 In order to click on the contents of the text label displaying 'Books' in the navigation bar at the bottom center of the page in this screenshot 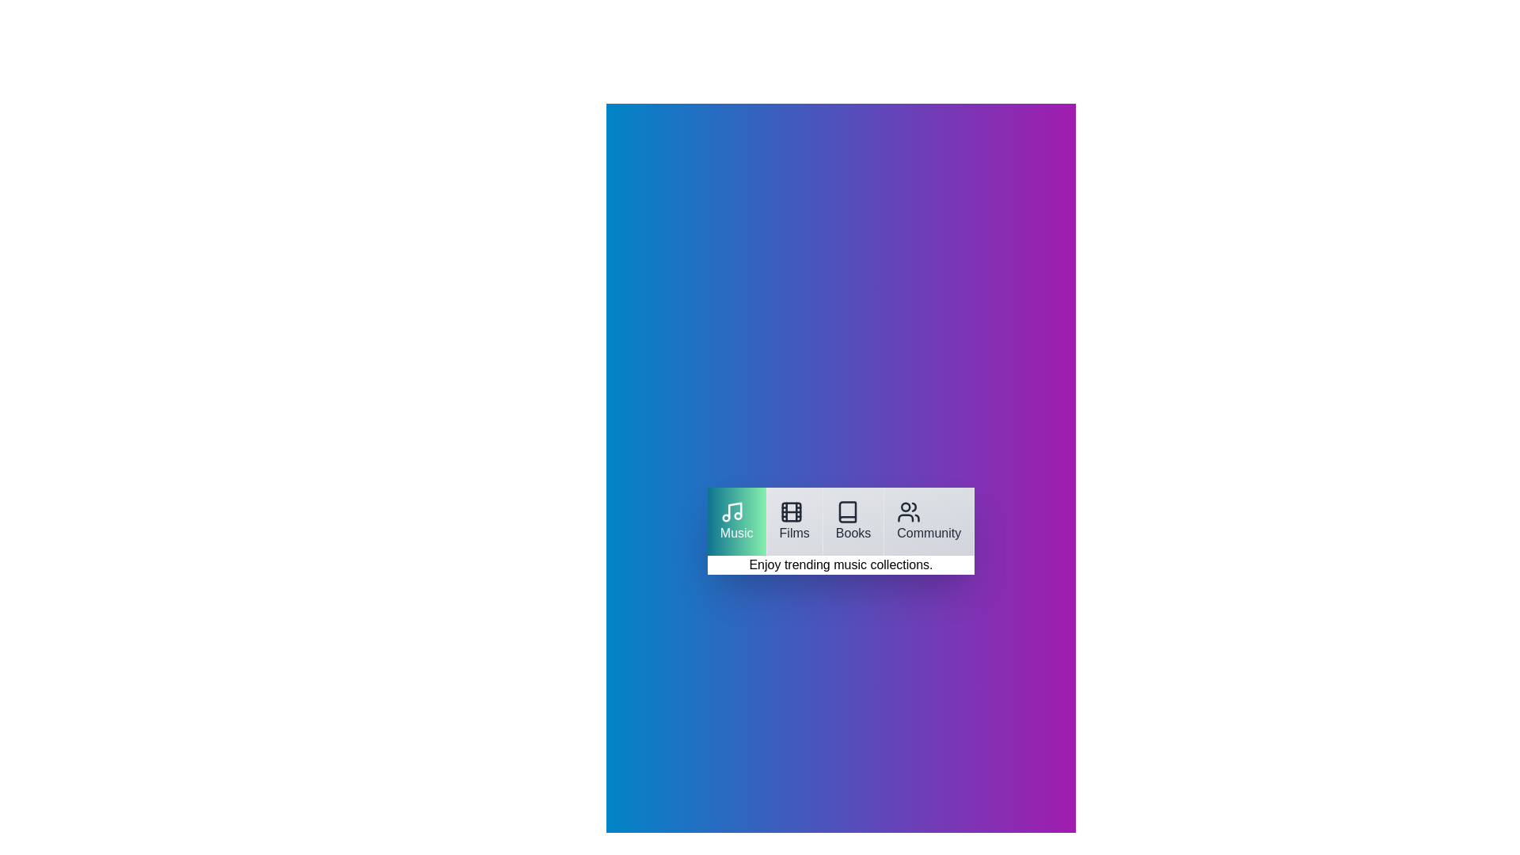, I will do `click(853, 533)`.